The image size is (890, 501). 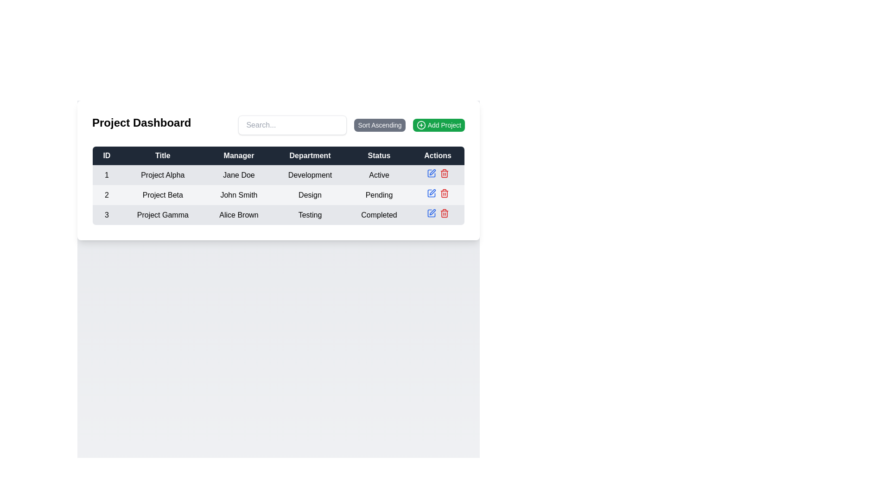 I want to click on the leftmost icon button in the 'Actions' column of the third row of the table, which is intended for editing entries, so click(x=432, y=212).